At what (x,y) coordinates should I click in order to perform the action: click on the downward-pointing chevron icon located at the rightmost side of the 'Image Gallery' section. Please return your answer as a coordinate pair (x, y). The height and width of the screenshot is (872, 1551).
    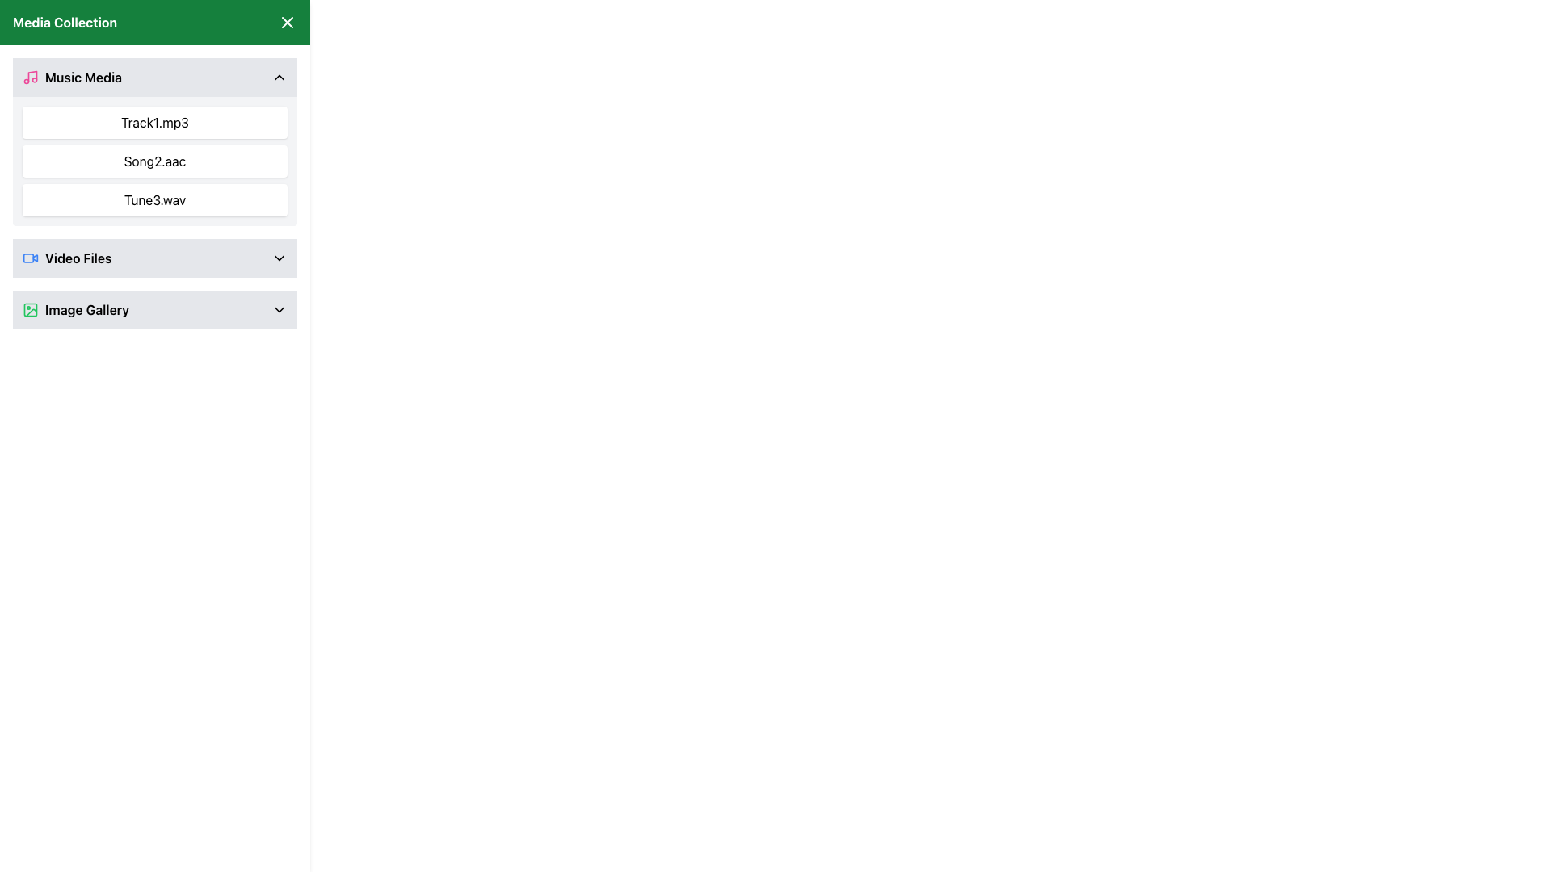
    Looking at the image, I should click on (279, 310).